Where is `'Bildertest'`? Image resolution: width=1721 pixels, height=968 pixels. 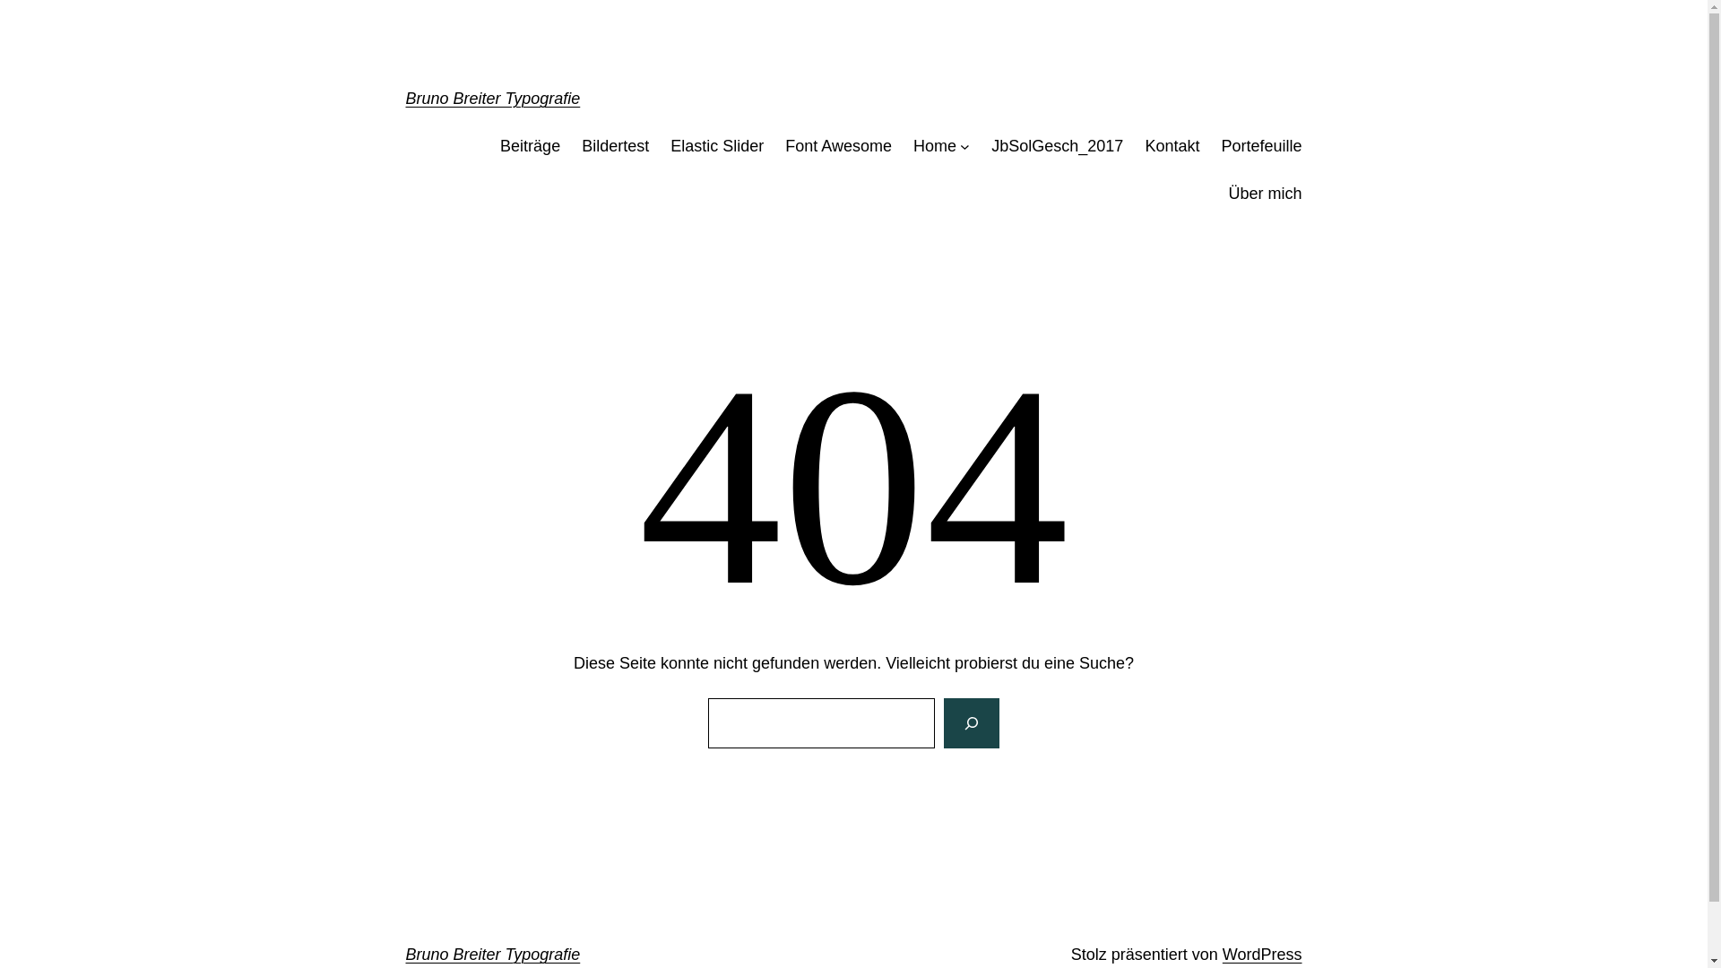 'Bildertest' is located at coordinates (615, 145).